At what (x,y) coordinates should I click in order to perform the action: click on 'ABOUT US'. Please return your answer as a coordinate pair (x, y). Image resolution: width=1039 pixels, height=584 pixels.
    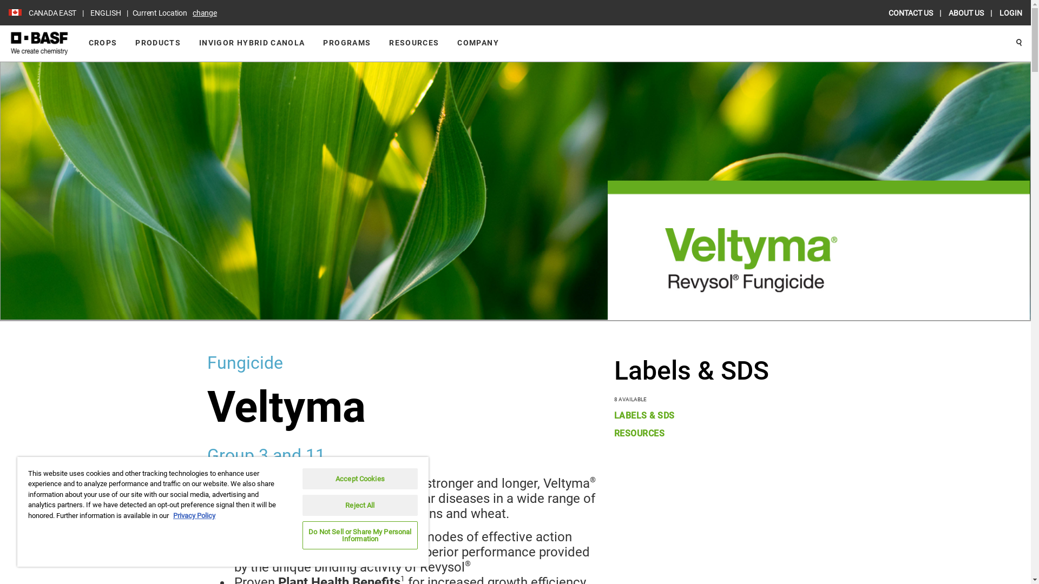
    Looking at the image, I should click on (966, 12).